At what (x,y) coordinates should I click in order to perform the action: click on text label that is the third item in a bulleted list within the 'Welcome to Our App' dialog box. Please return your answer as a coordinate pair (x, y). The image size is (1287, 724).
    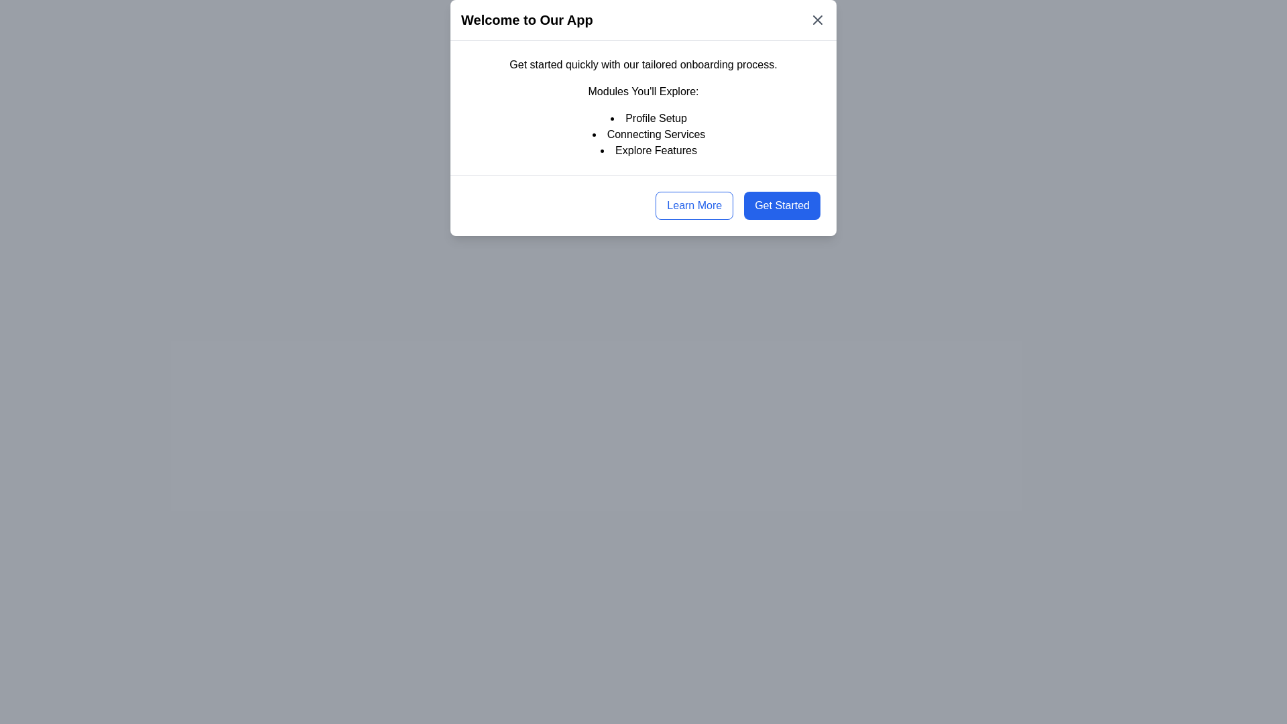
    Looking at the image, I should click on (649, 150).